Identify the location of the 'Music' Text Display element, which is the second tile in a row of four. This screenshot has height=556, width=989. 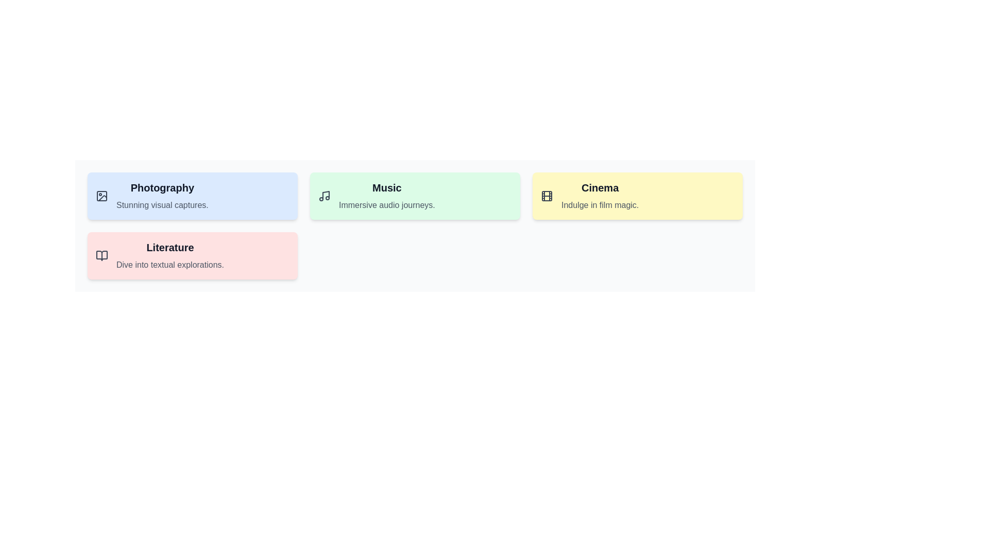
(386, 196).